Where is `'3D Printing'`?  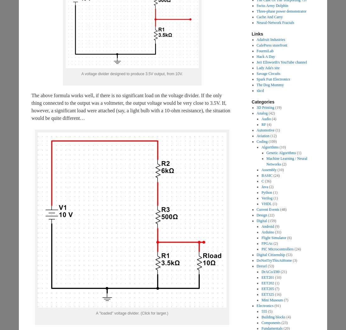 '3D Printing' is located at coordinates (265, 107).